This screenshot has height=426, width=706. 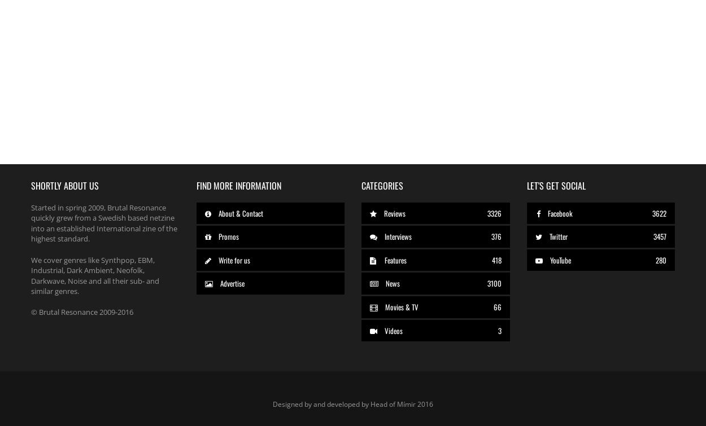 I want to click on '418', so click(x=496, y=259).